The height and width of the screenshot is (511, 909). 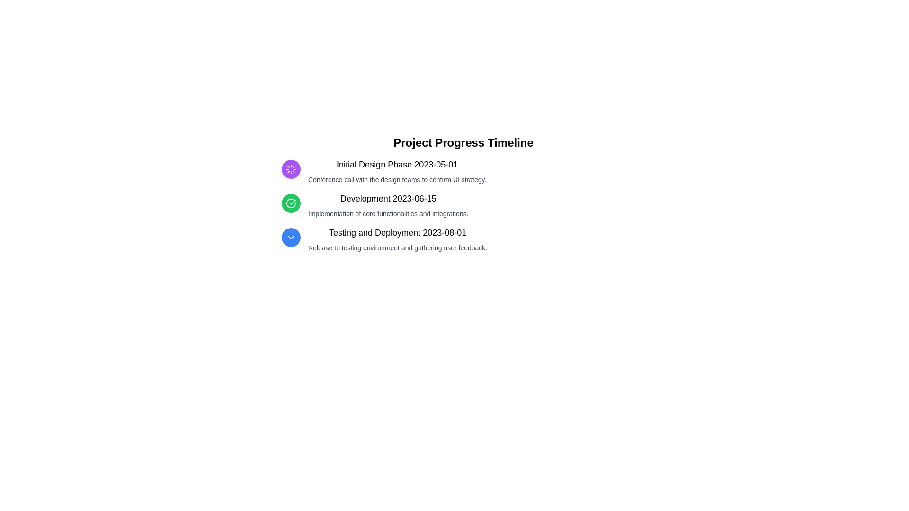 What do you see at coordinates (463, 171) in the screenshot?
I see `the first list item element under 'Project Progress Timeline'` at bounding box center [463, 171].